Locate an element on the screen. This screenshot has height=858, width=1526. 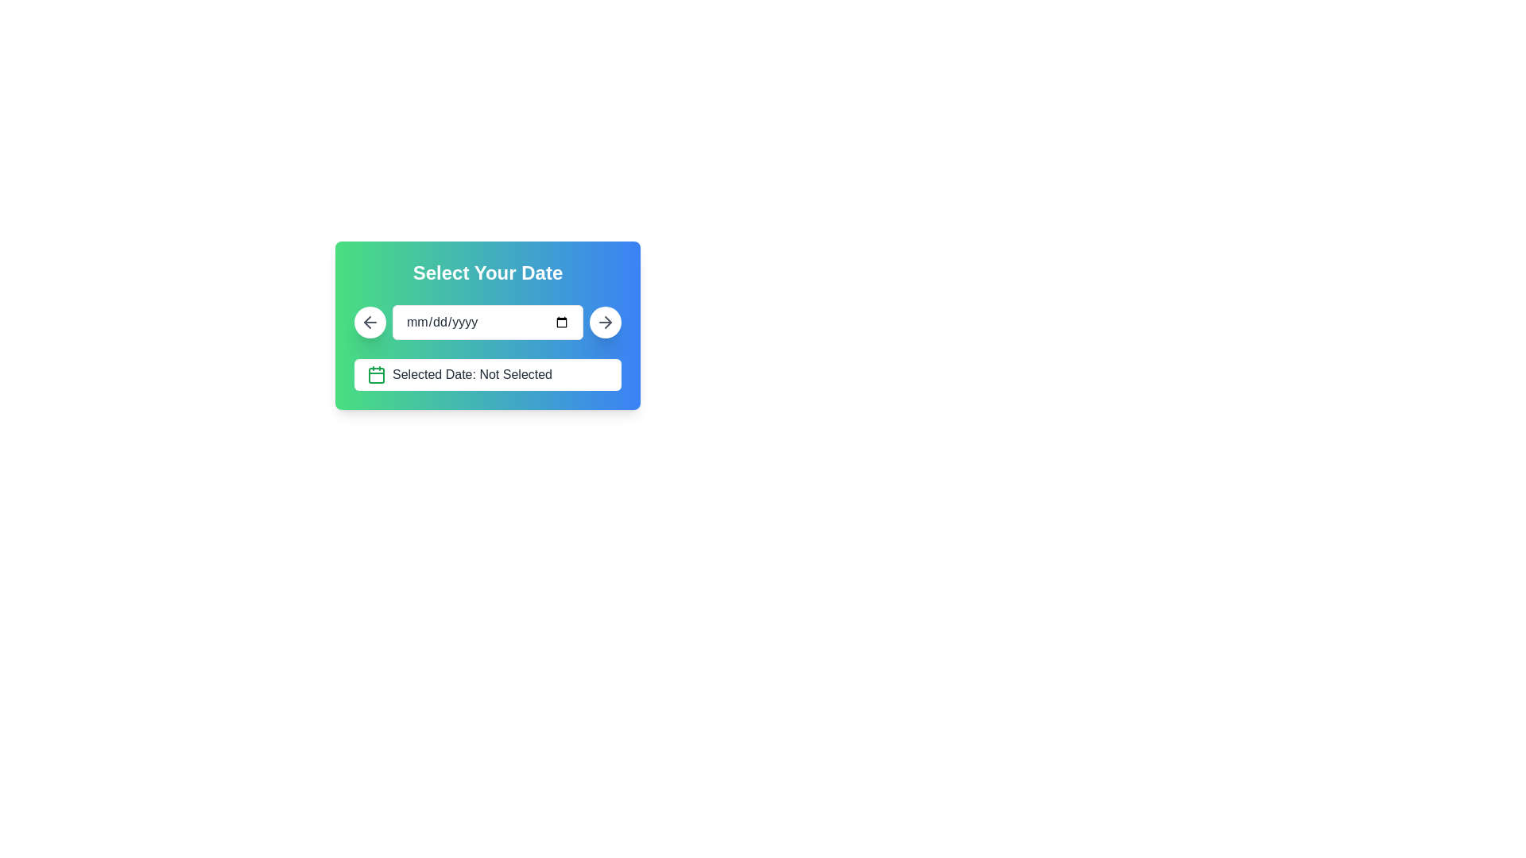
the calendar icon located to the left of the text 'Selected Date: Not Selected' for date selection or viewing is located at coordinates (376, 374).